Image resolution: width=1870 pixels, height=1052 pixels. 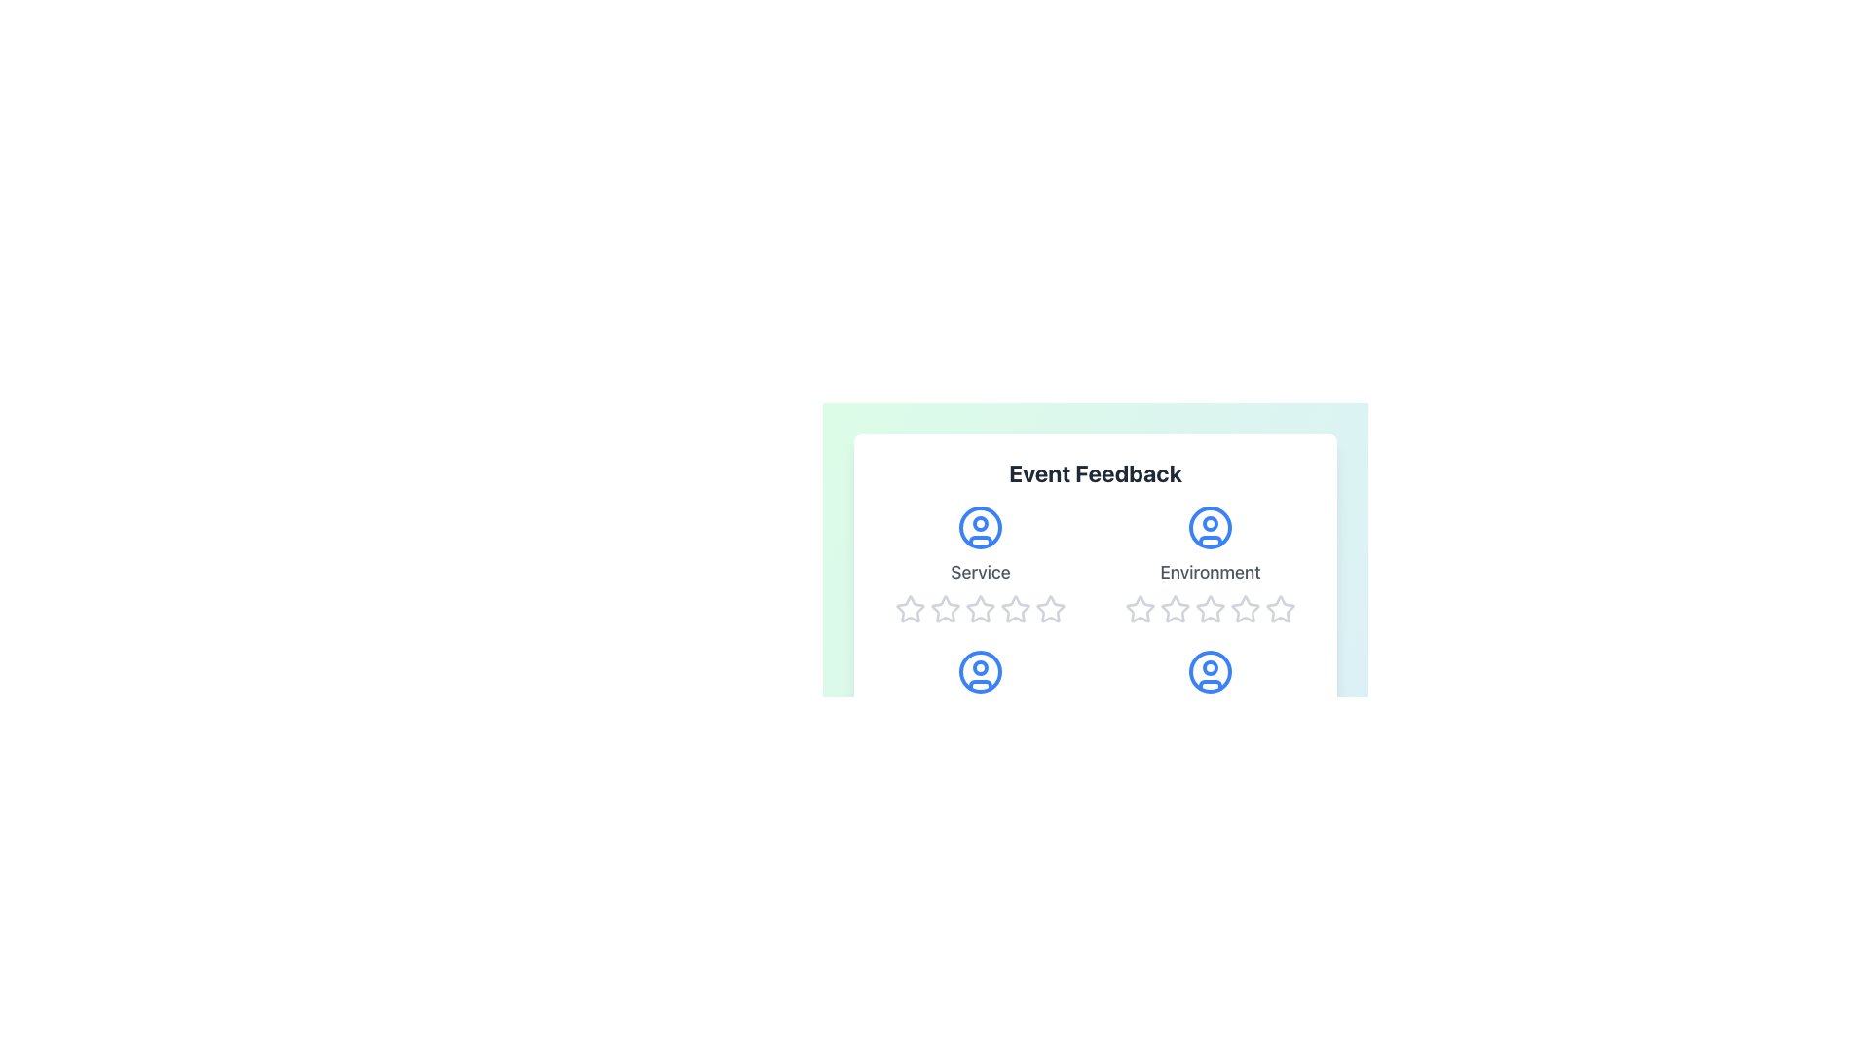 I want to click on the first rating star icon in the 'Service' category located in the 'Event Feedback' section, so click(x=945, y=608).